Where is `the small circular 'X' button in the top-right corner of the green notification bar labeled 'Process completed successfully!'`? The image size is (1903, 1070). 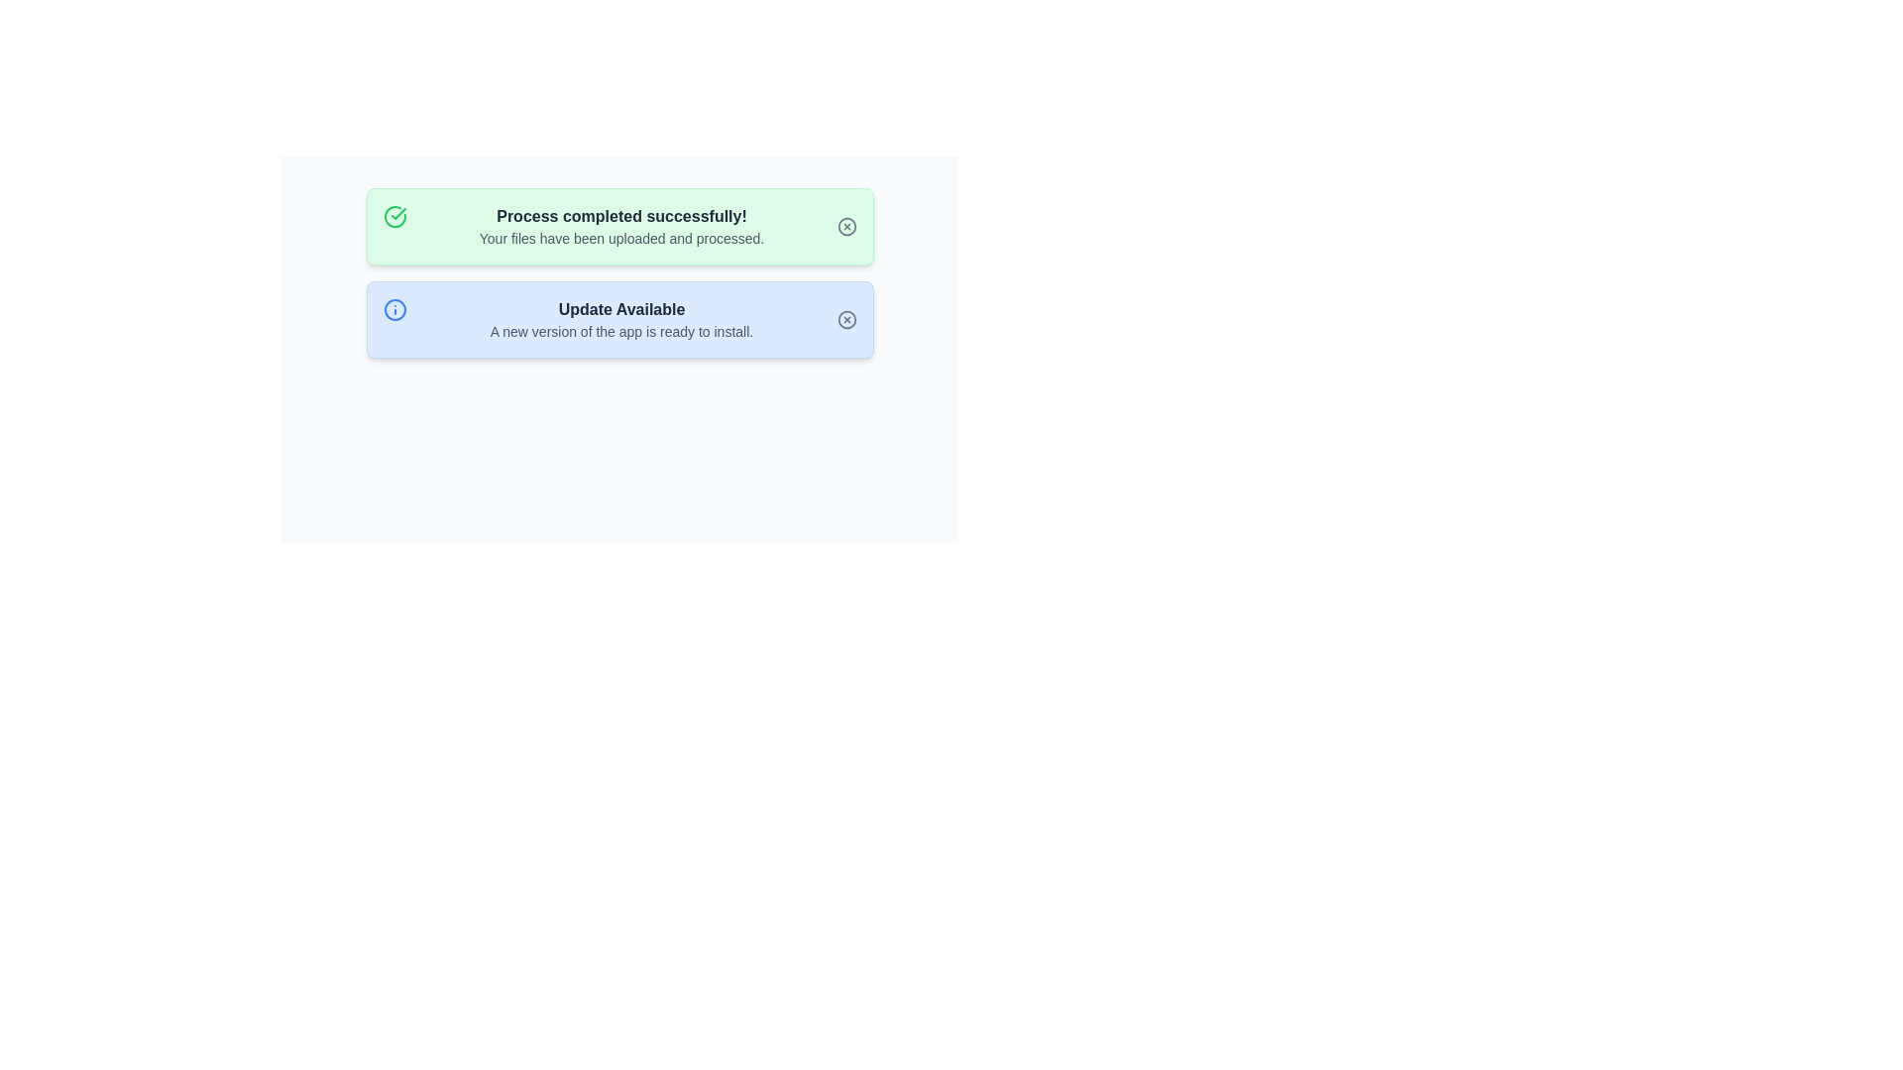 the small circular 'X' button in the top-right corner of the green notification bar labeled 'Process completed successfully!' is located at coordinates (846, 225).